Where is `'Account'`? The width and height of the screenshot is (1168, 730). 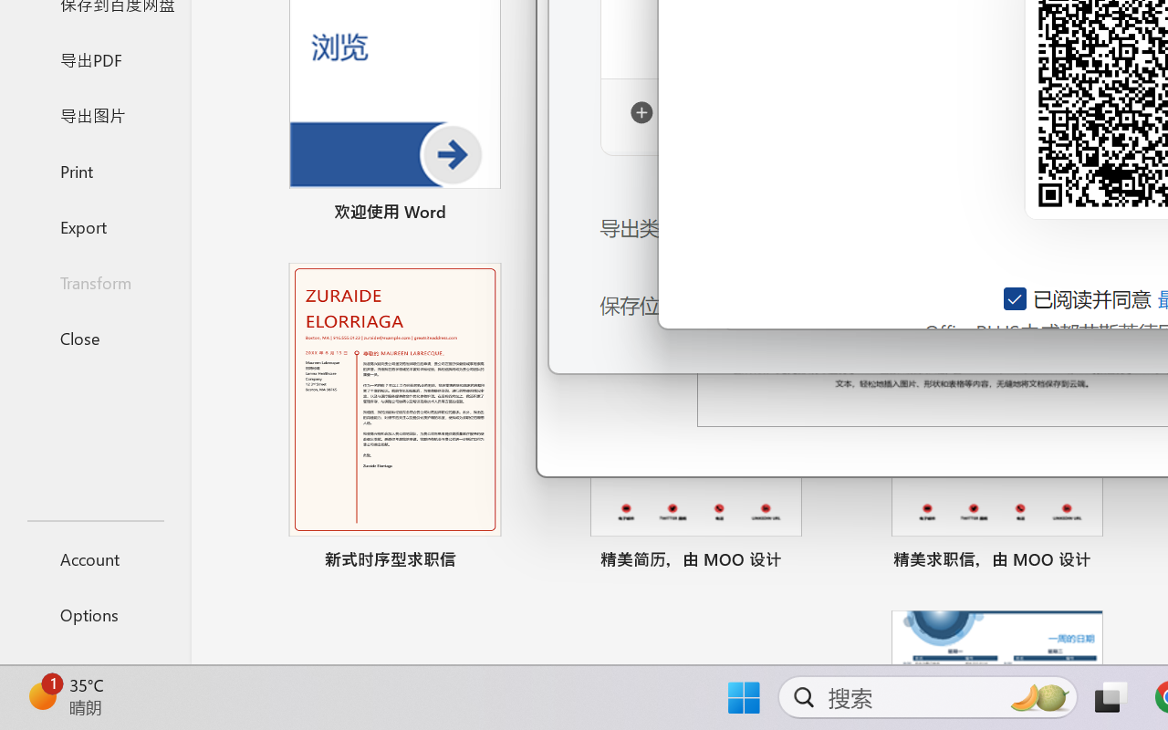
'Account' is located at coordinates (94, 558).